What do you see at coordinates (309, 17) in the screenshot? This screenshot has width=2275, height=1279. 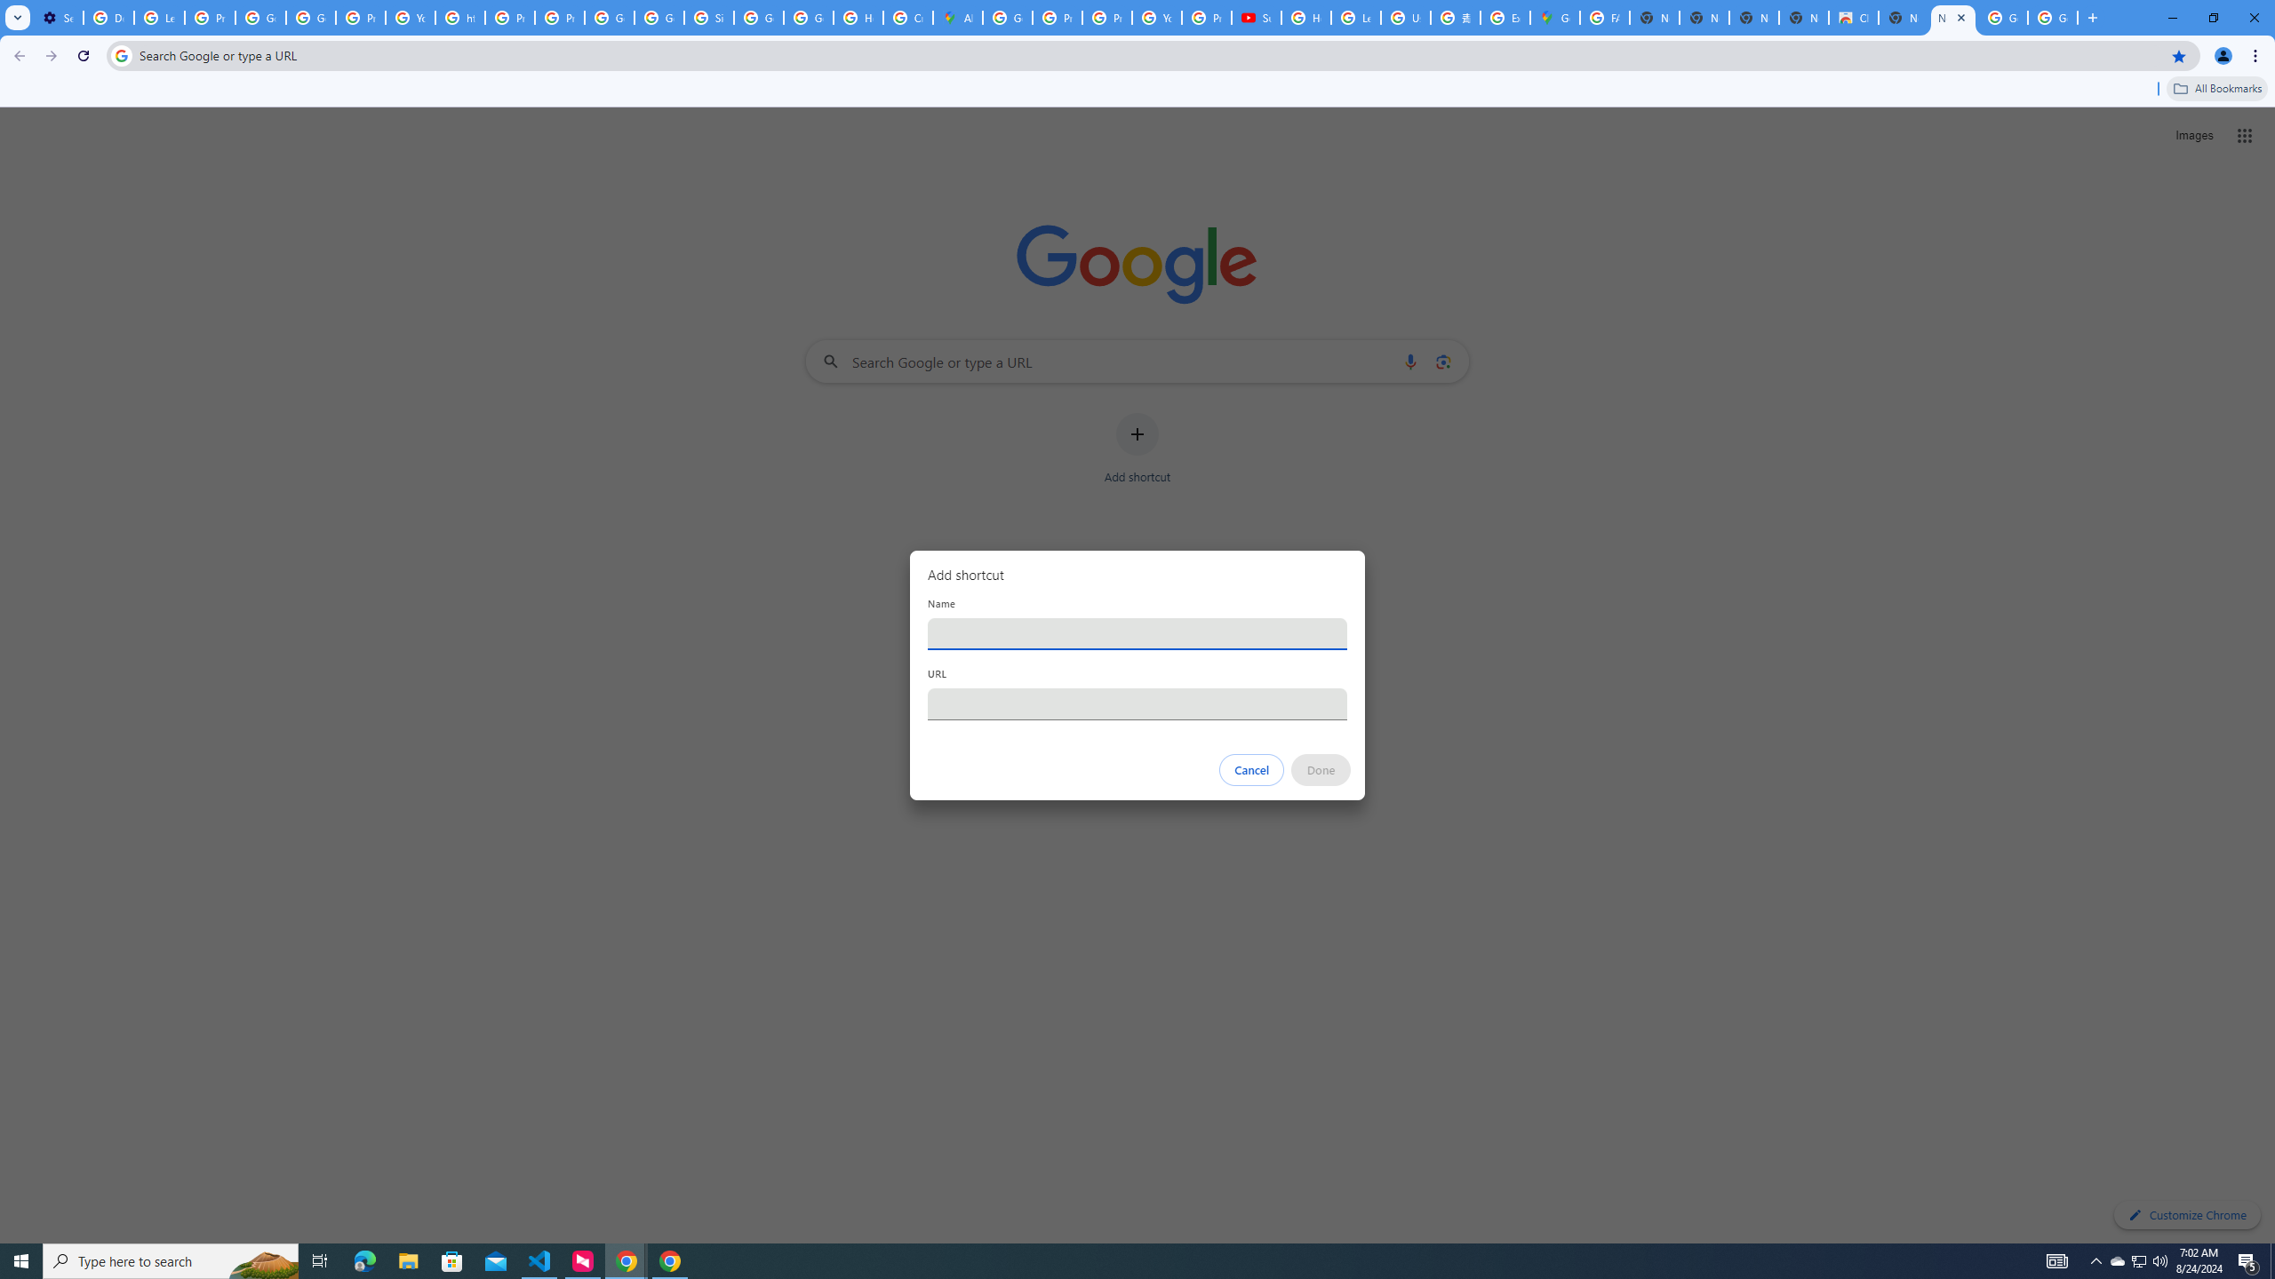 I see `'Google Account Help'` at bounding box center [309, 17].